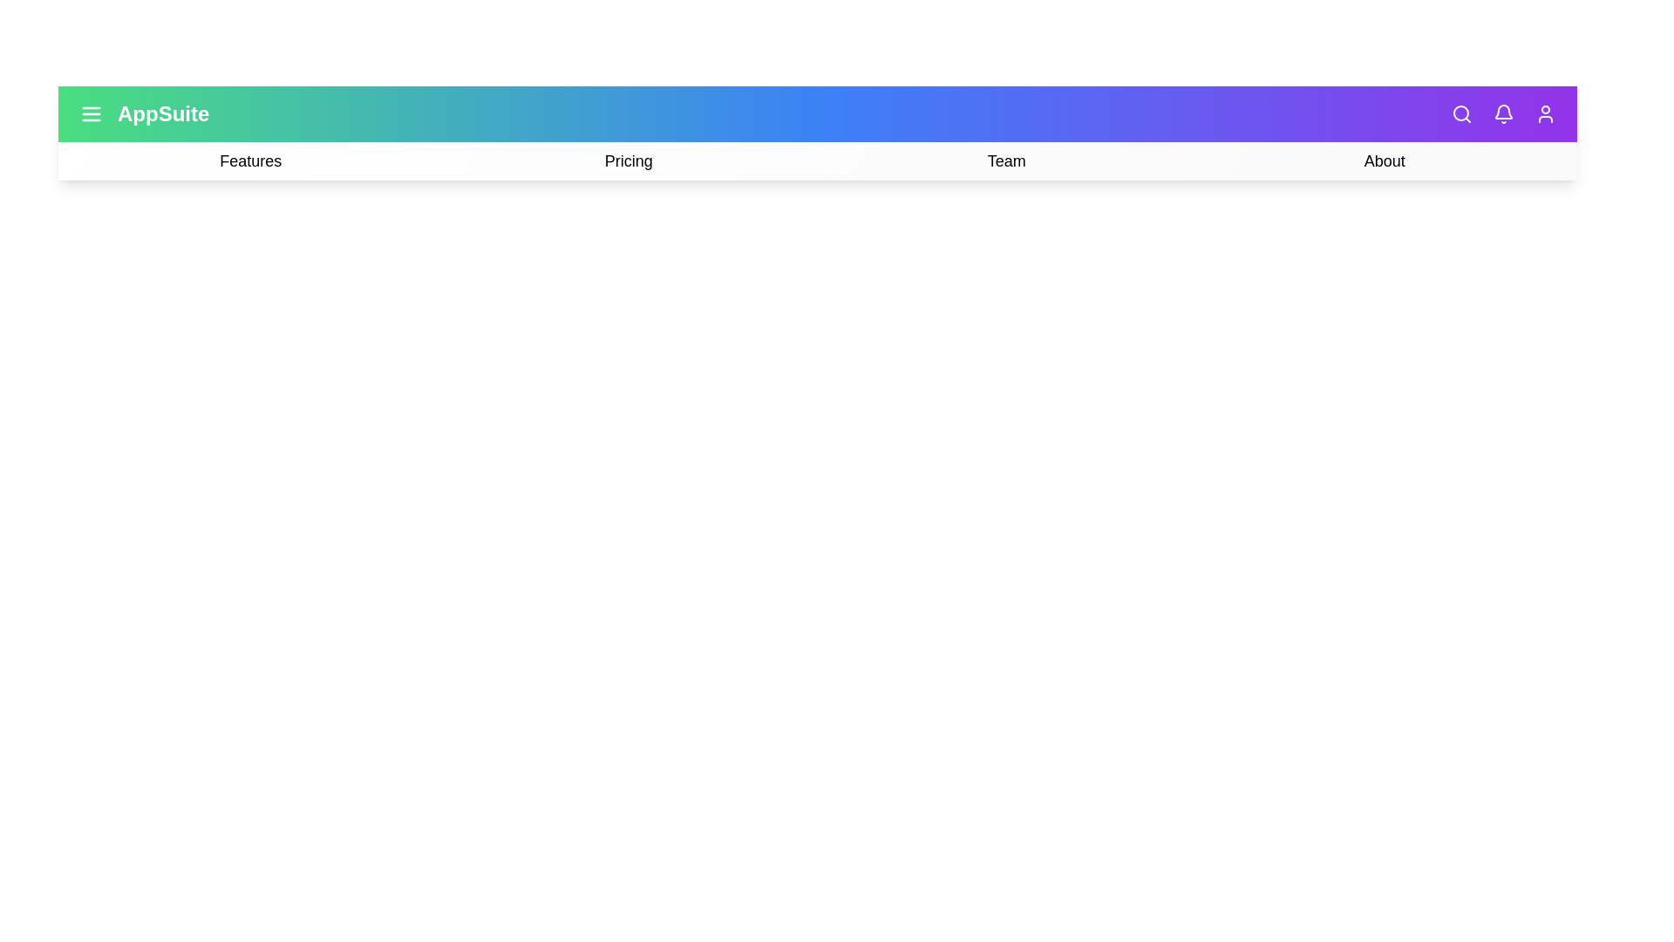 Image resolution: width=1674 pixels, height=942 pixels. I want to click on 'User' icon in the top-right corner, so click(1545, 114).